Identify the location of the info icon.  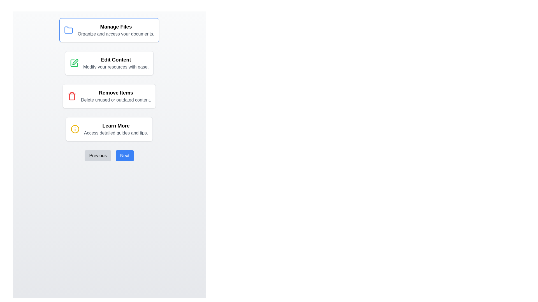
(75, 129).